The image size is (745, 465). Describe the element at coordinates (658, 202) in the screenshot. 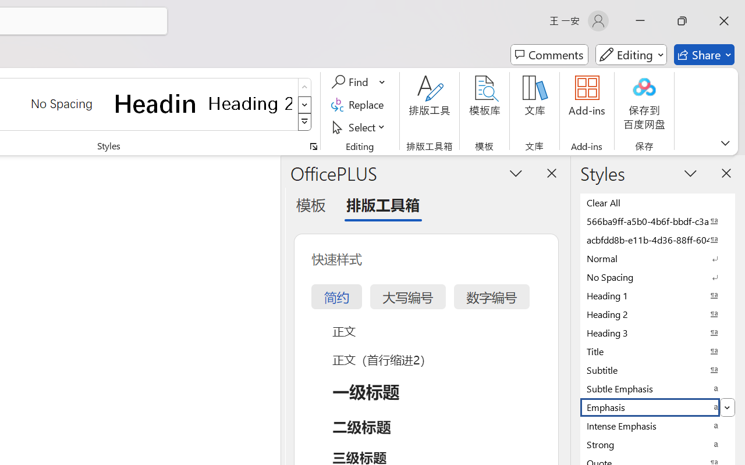

I see `'Clear All'` at that location.